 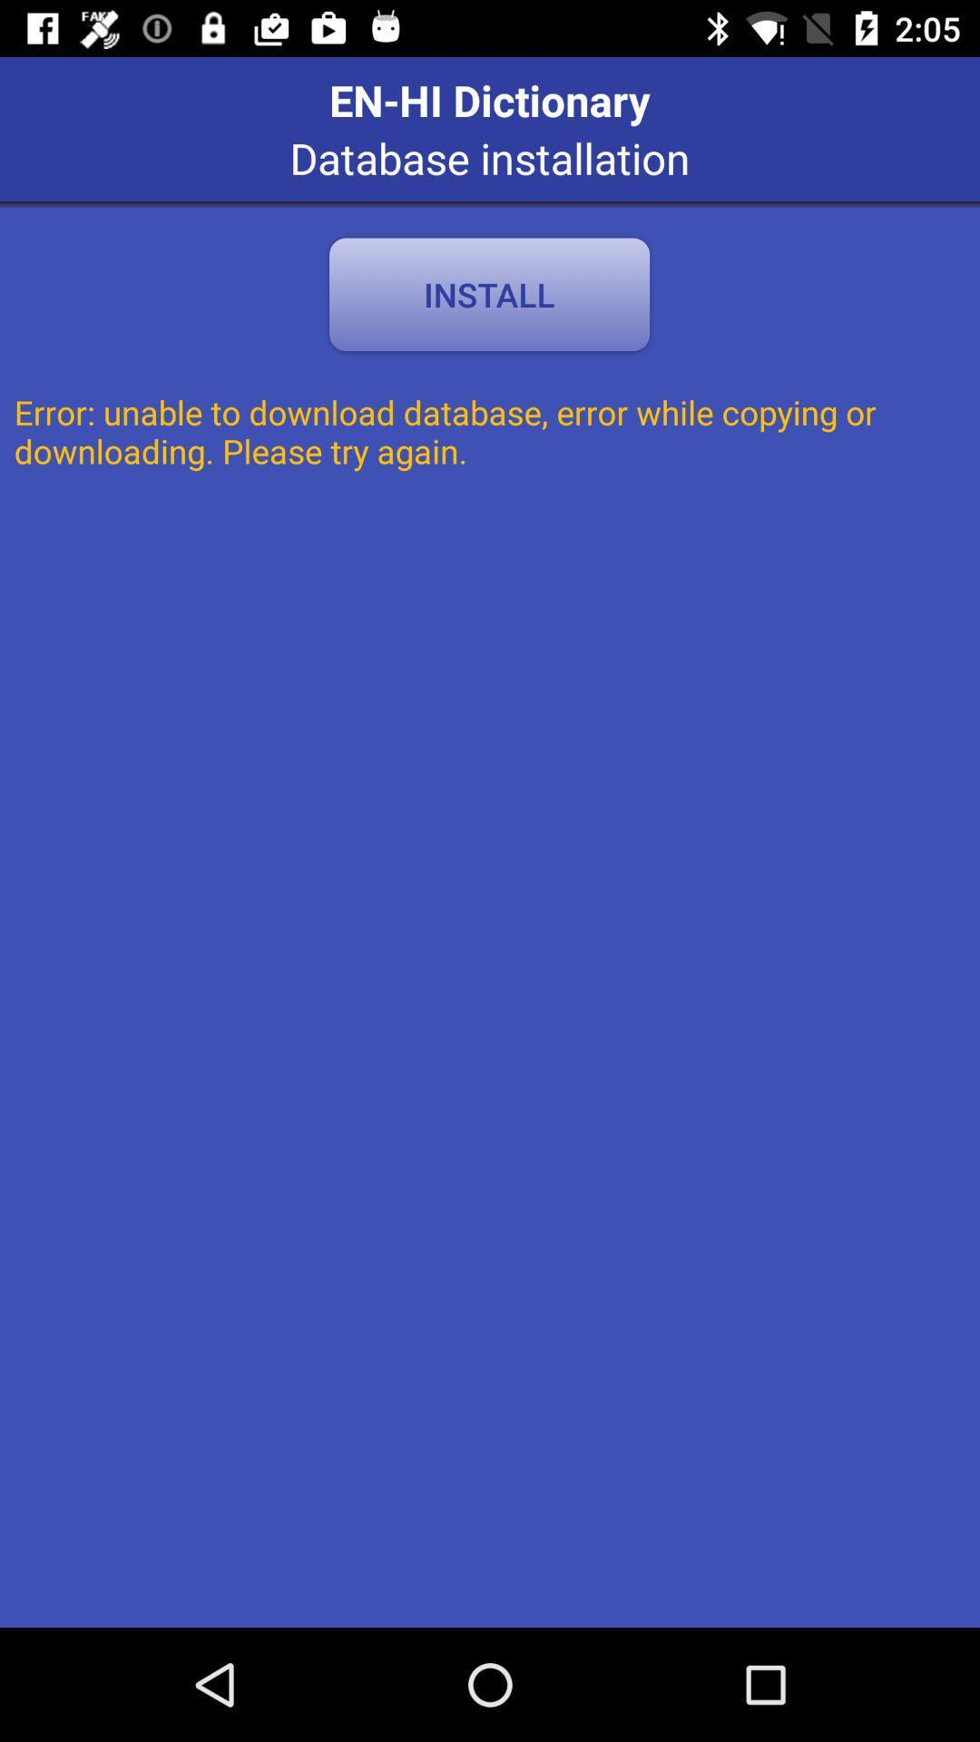 What do you see at coordinates (488, 294) in the screenshot?
I see `the install icon` at bounding box center [488, 294].